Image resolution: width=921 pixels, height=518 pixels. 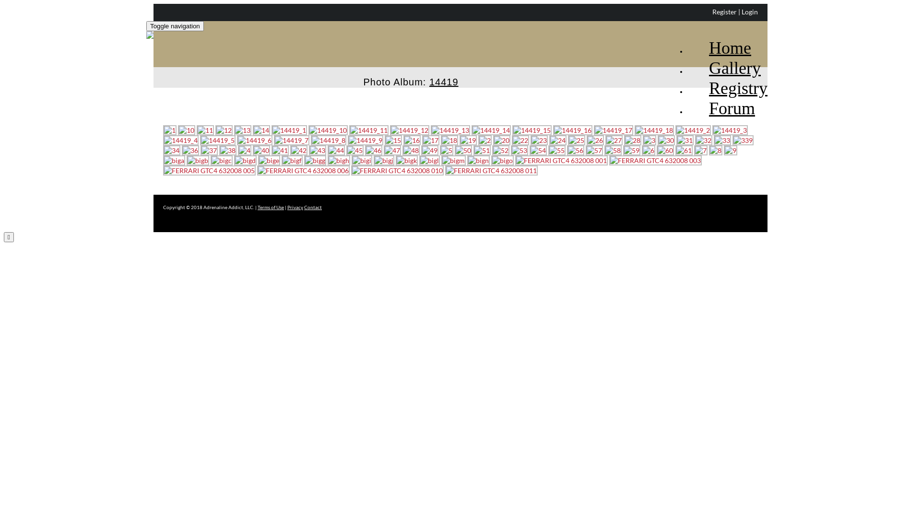 What do you see at coordinates (403, 140) in the screenshot?
I see `'16 (click to enlarge)'` at bounding box center [403, 140].